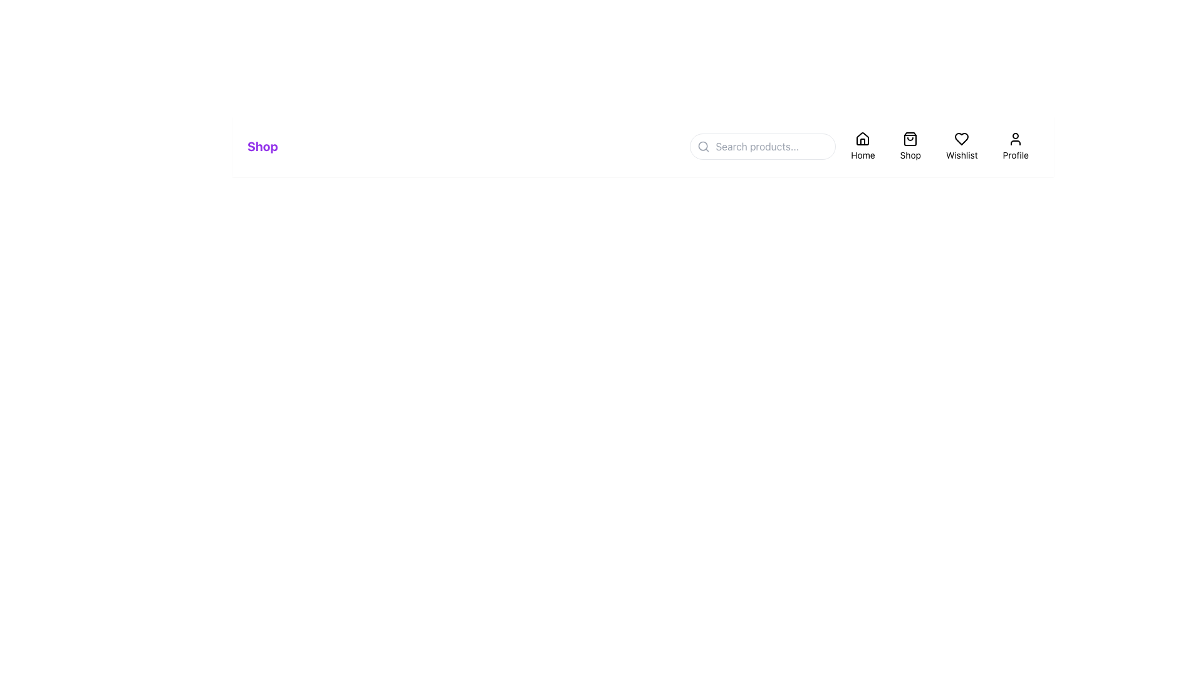 Image resolution: width=1203 pixels, height=677 pixels. What do you see at coordinates (863, 146) in the screenshot?
I see `the first button in the compact navigation bar, which includes Home, Shop, Wishlist, and Profile` at bounding box center [863, 146].